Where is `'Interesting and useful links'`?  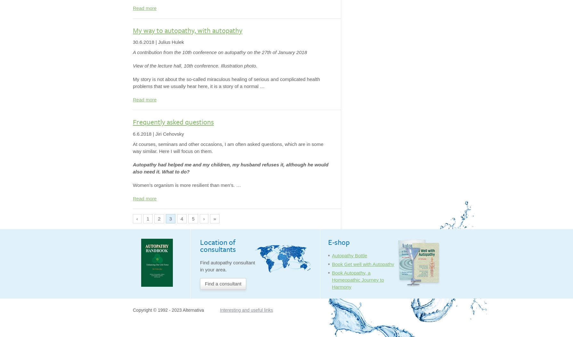
'Interesting and useful links' is located at coordinates (246, 310).